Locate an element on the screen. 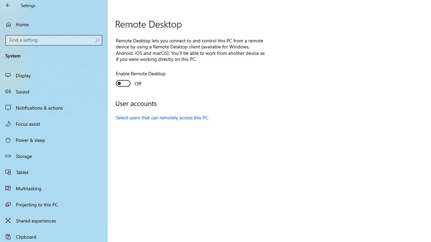 The height and width of the screenshot is (242, 431). 'Focus assist' is located at coordinates (54, 123).